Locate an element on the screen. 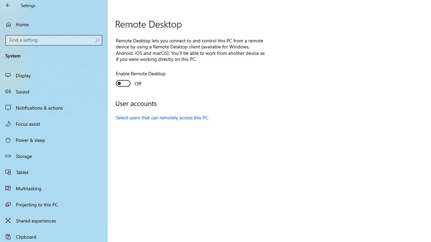 The height and width of the screenshot is (242, 431). 'Focus assist' is located at coordinates (54, 123).